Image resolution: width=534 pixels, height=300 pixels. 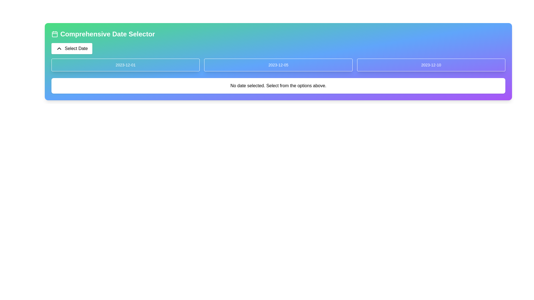 I want to click on the button labeled '2023-12-01', which is a rectangular button with rounded corners on a gradient blue background, so click(x=125, y=65).